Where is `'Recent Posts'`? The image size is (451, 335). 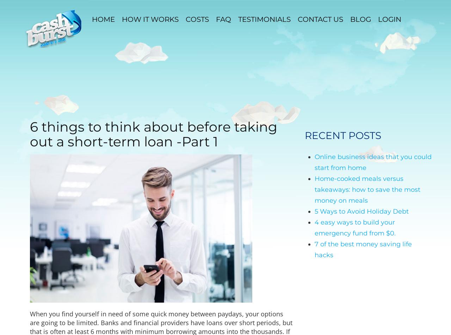 'Recent Posts' is located at coordinates (343, 135).